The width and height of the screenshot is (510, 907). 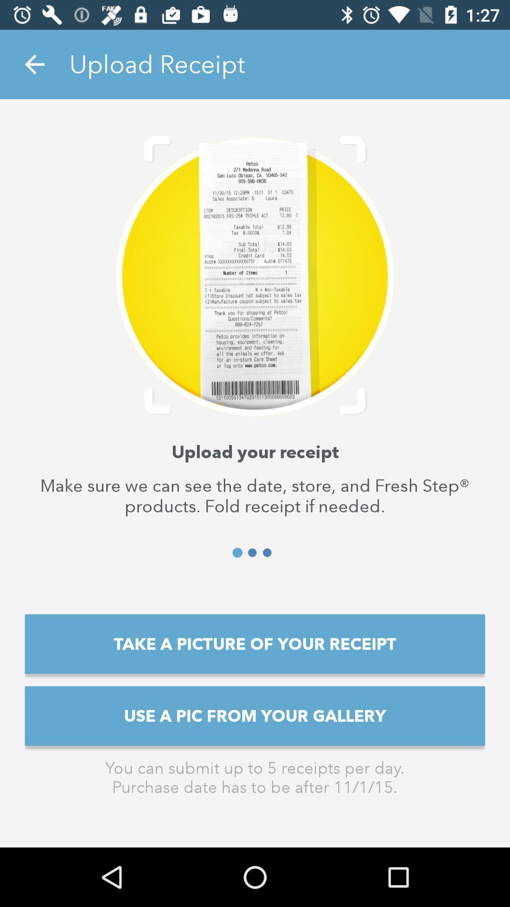 I want to click on the use a pic icon, so click(x=255, y=716).